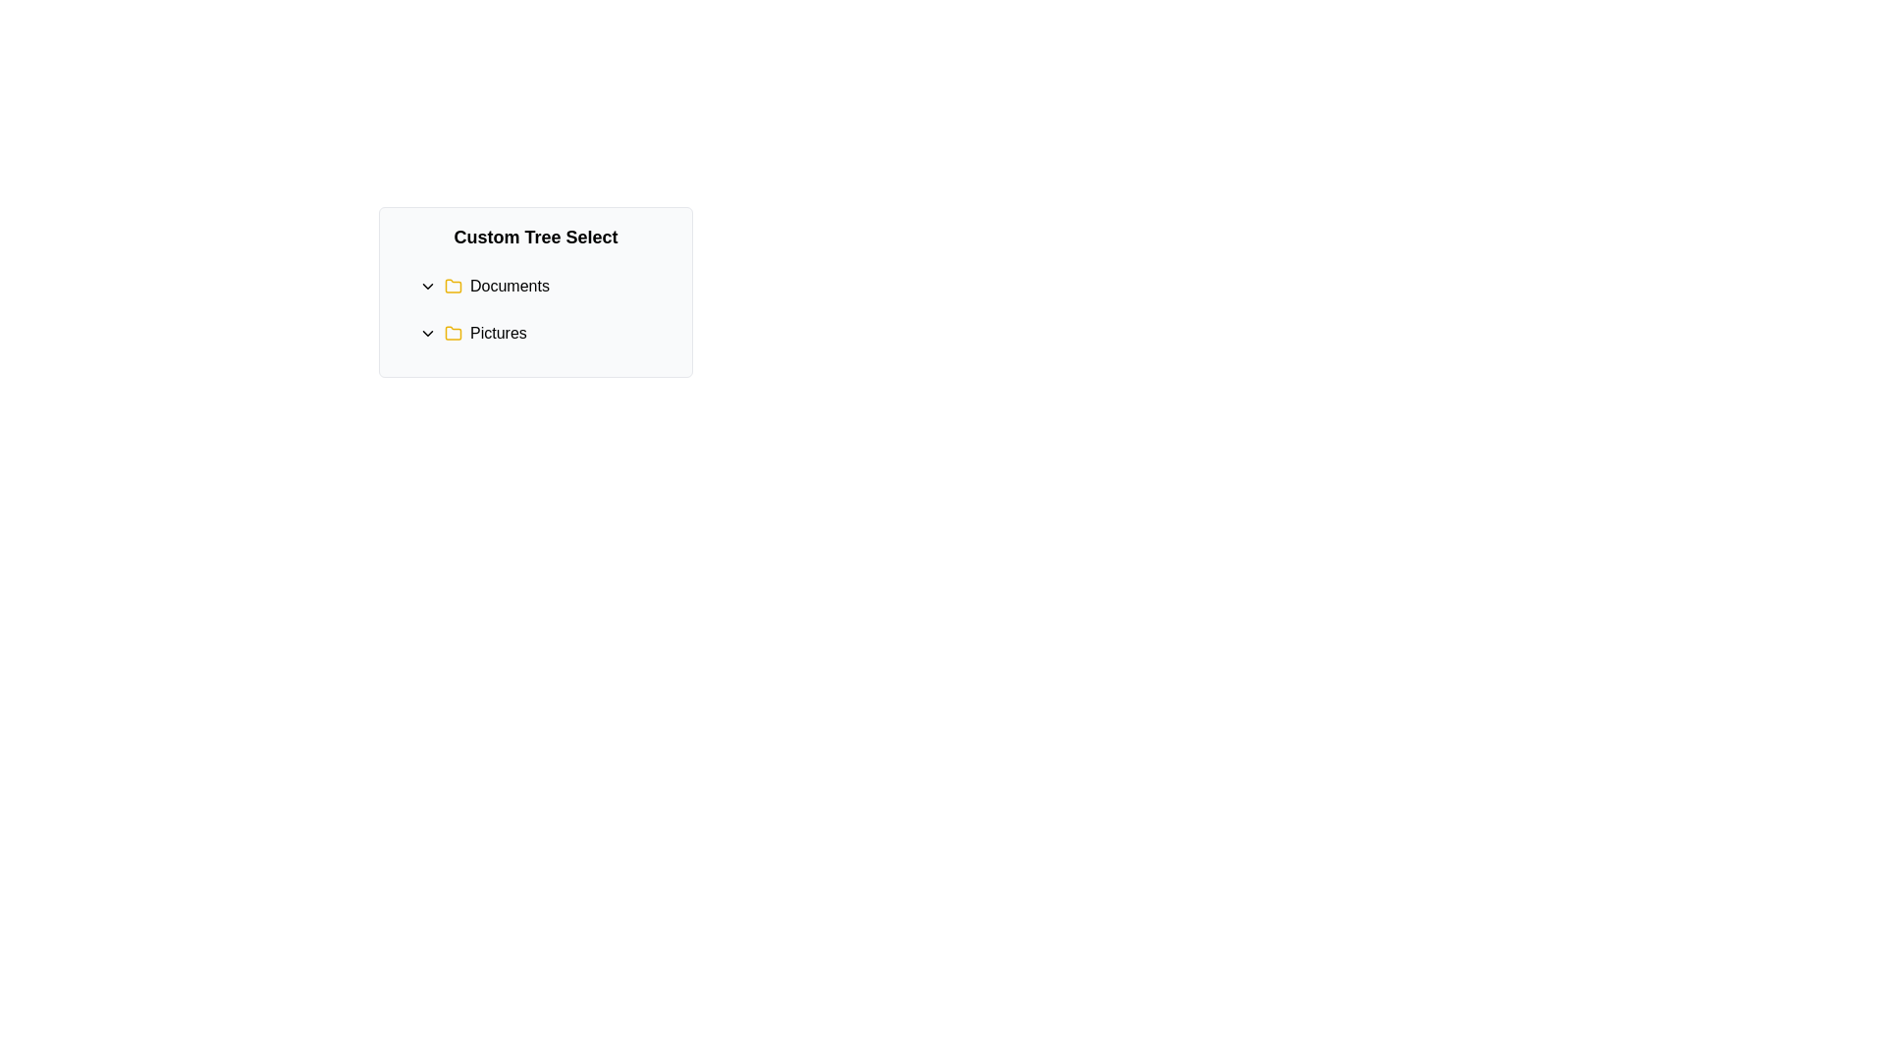 The width and height of the screenshot is (1885, 1060). Describe the element at coordinates (536, 291) in the screenshot. I see `the 'Documents' folder icon or text in the Tree view component` at that location.